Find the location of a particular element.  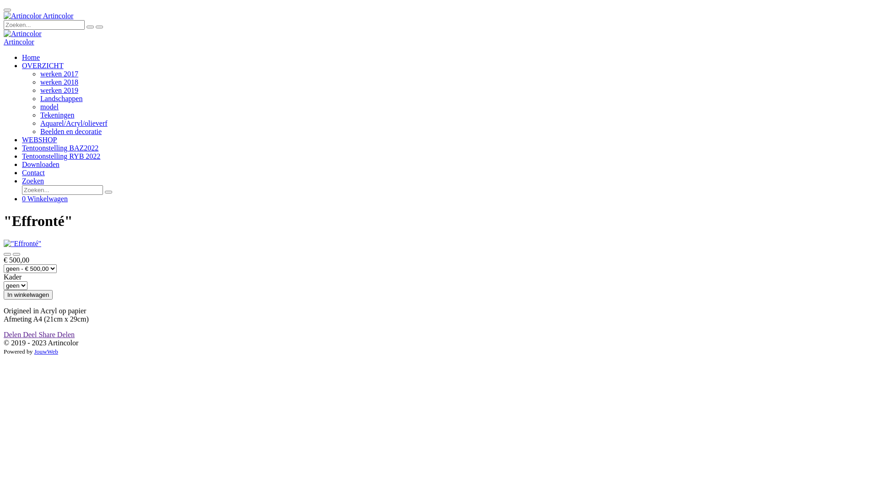

'WEBSHOP' is located at coordinates (39, 140).